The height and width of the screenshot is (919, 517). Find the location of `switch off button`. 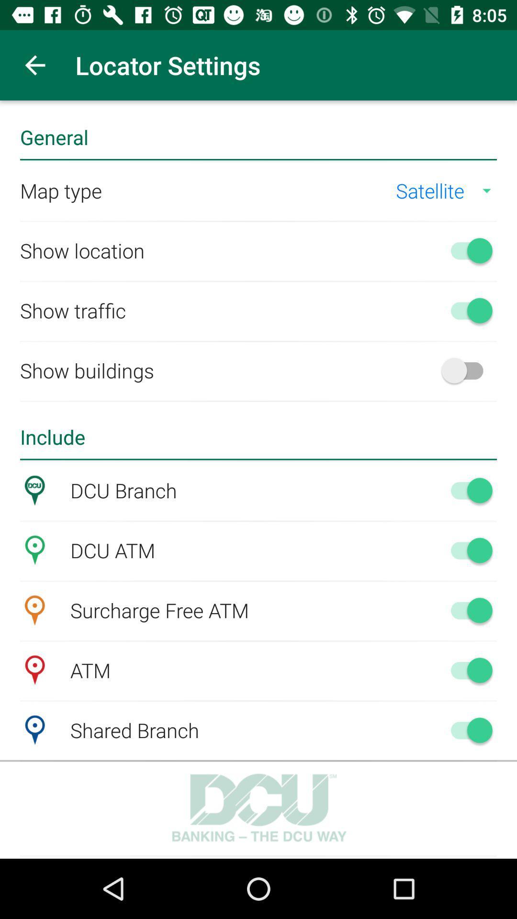

switch off button is located at coordinates (466, 729).